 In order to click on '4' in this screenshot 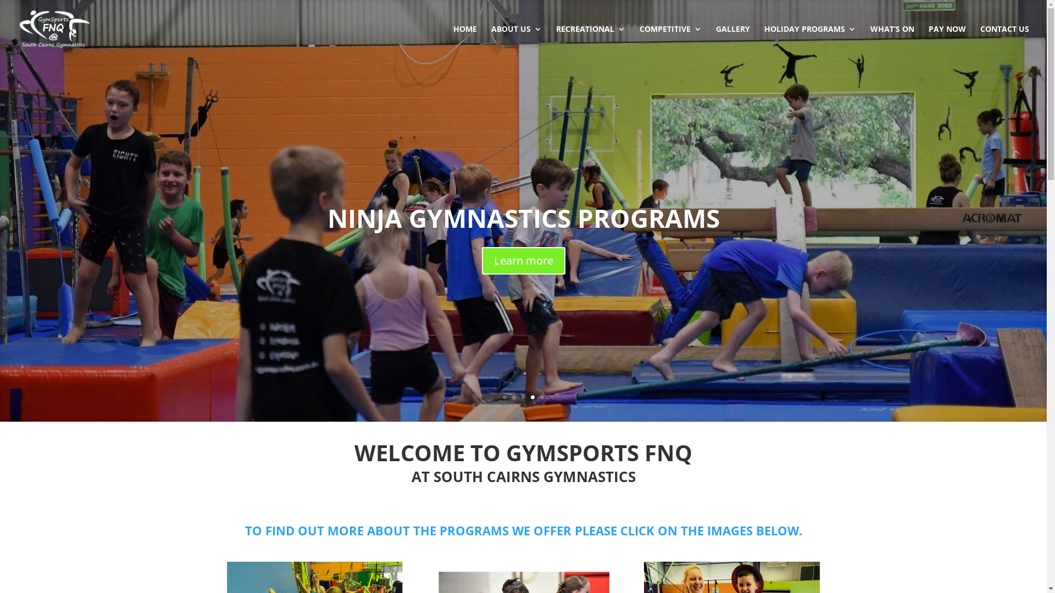, I will do `click(532, 397)`.